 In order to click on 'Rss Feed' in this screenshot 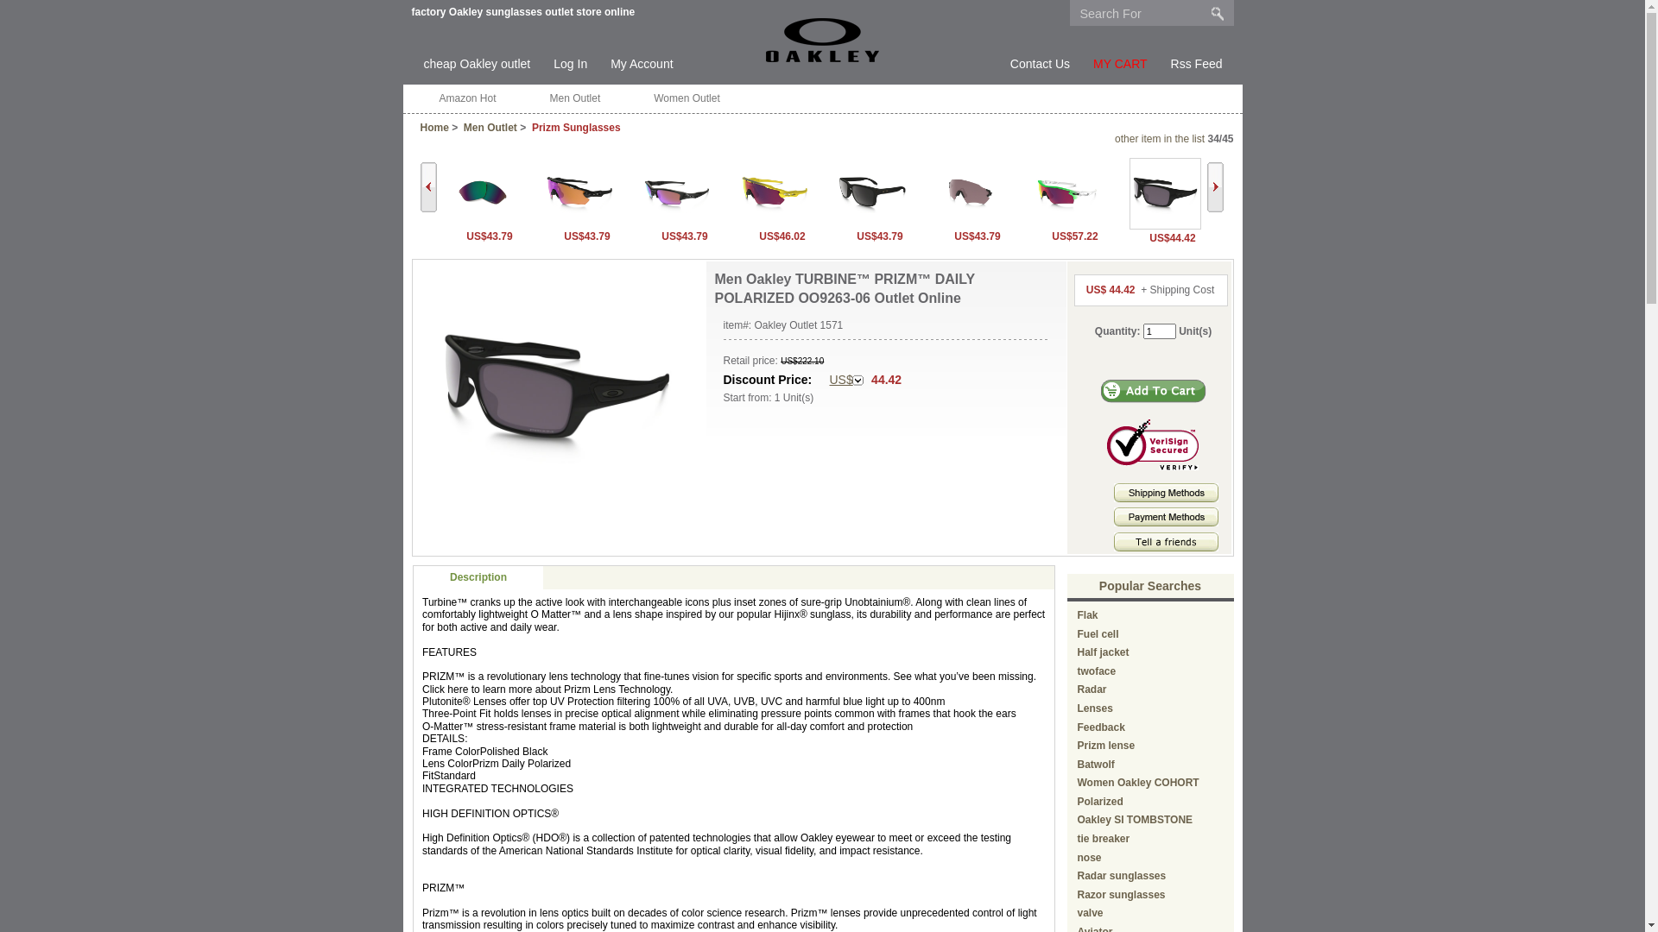, I will do `click(1196, 63)`.